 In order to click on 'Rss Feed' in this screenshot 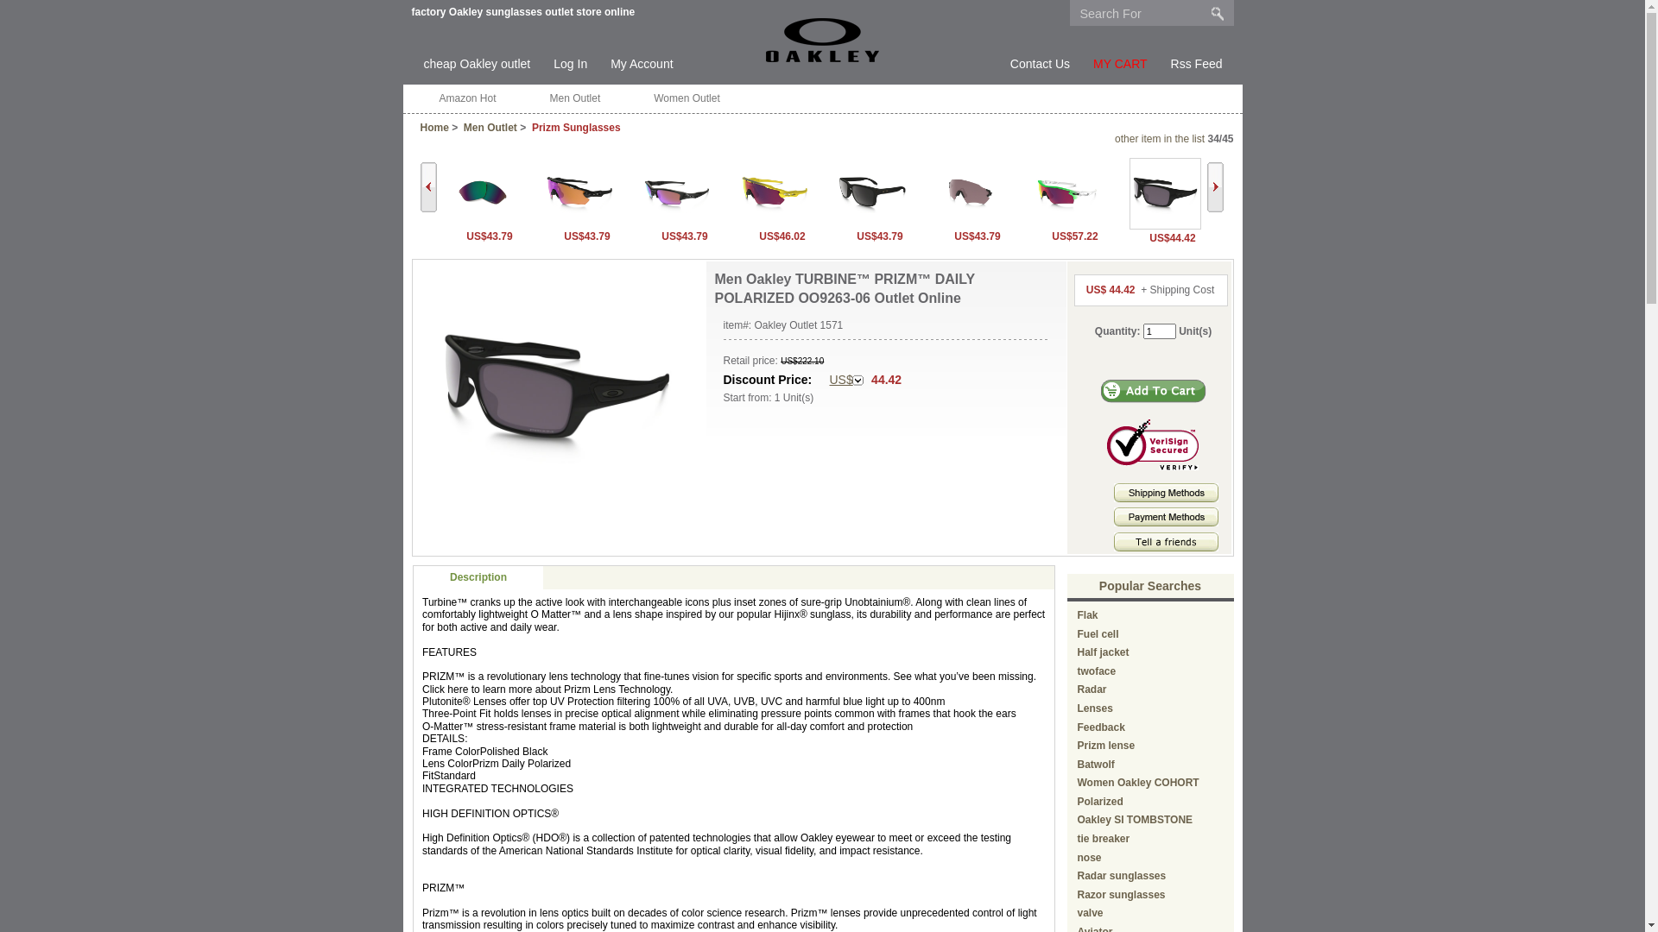, I will do `click(1196, 63)`.